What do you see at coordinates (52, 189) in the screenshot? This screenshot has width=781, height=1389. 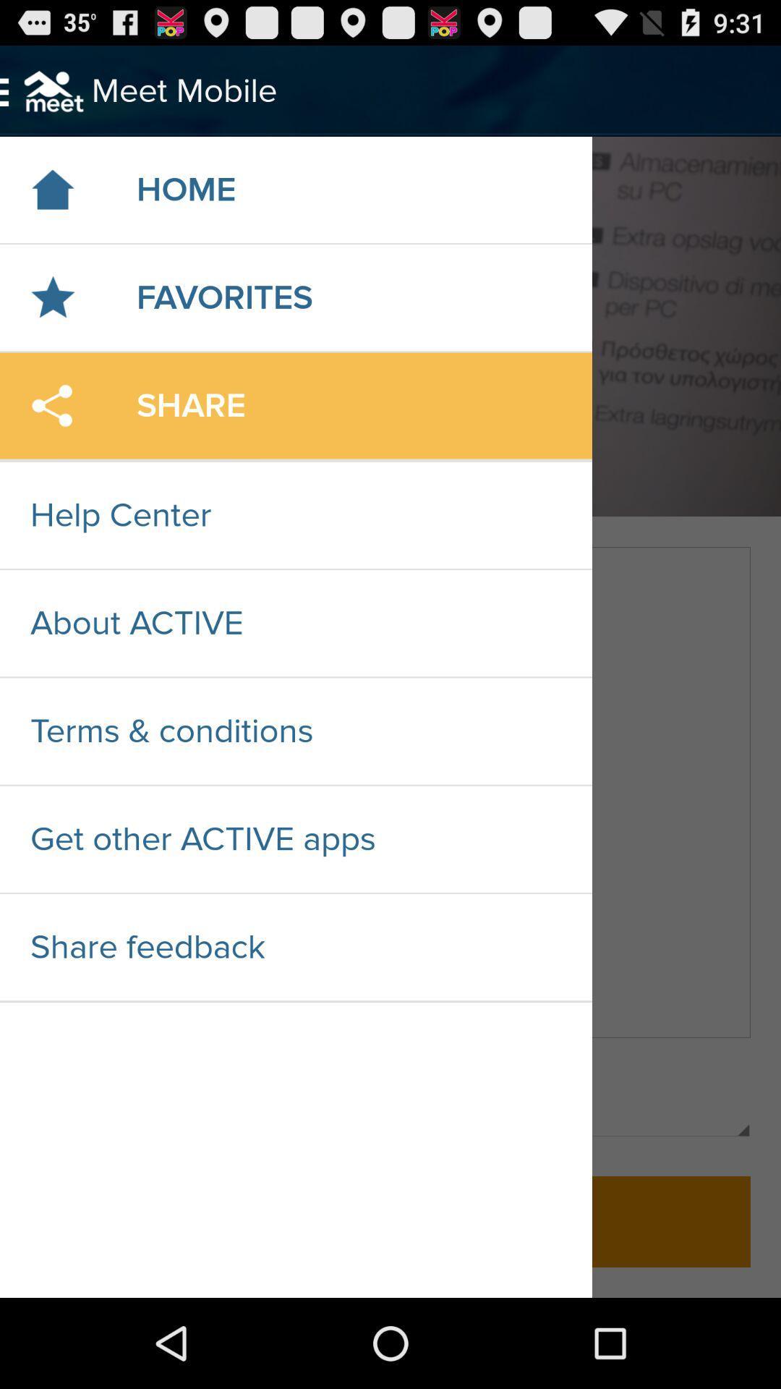 I see `the icon which is left side of home` at bounding box center [52, 189].